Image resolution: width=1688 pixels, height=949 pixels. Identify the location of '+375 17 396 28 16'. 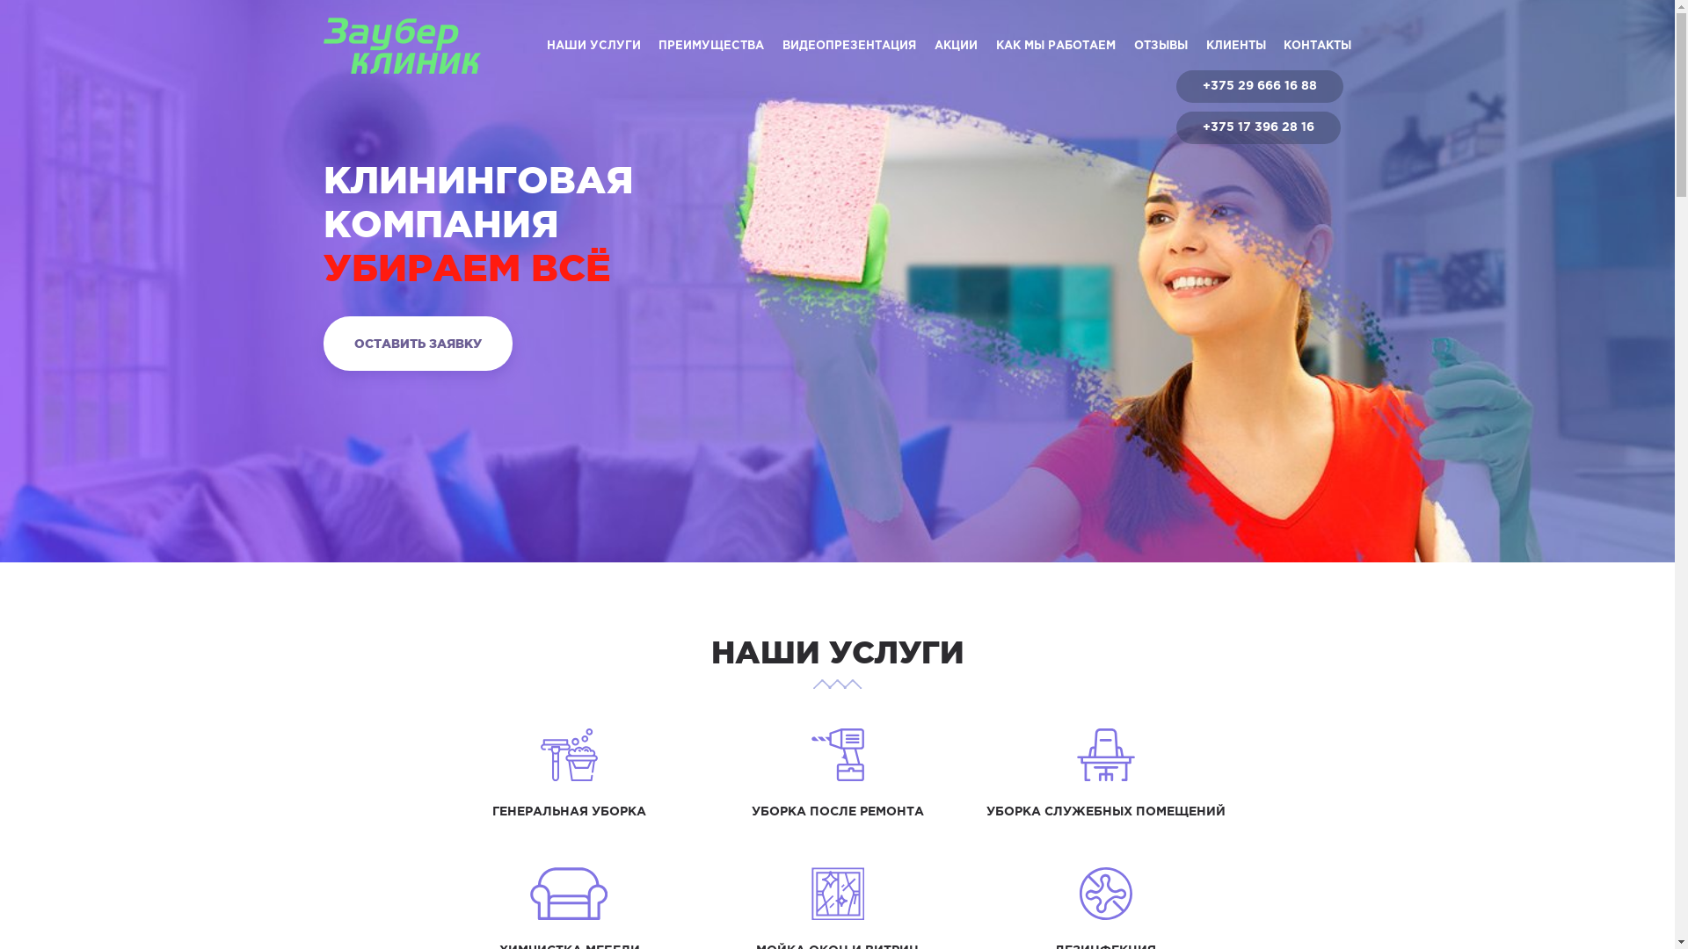
(1257, 127).